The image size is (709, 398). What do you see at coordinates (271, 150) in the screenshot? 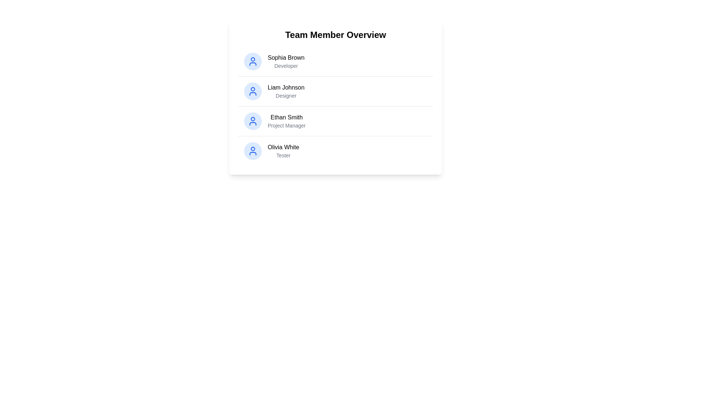
I see `the avatar in the fourth list item displaying detailed information about a team member` at bounding box center [271, 150].